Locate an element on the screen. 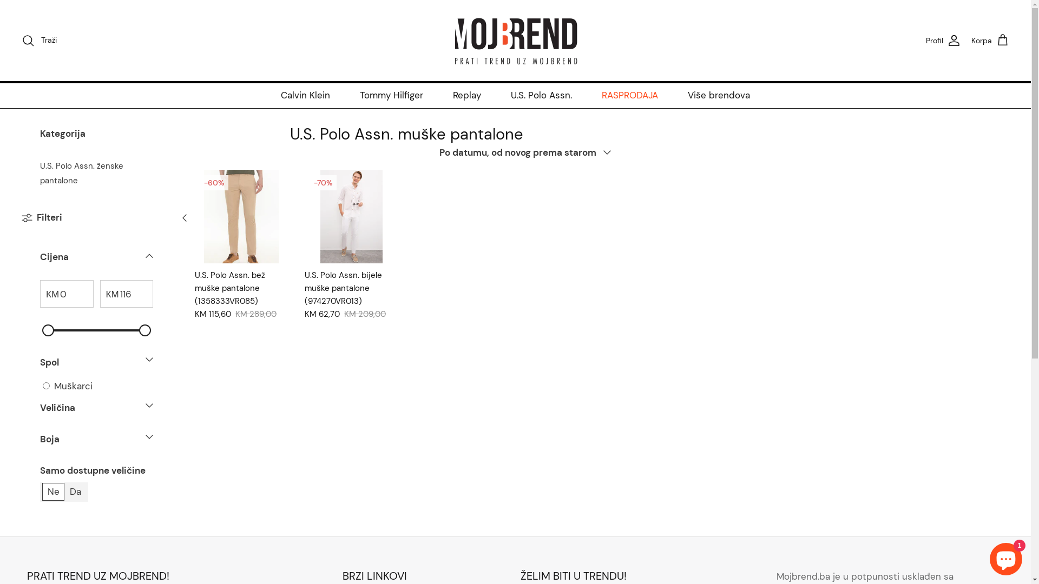 The width and height of the screenshot is (1039, 584). 'Kategorija' is located at coordinates (113, 133).